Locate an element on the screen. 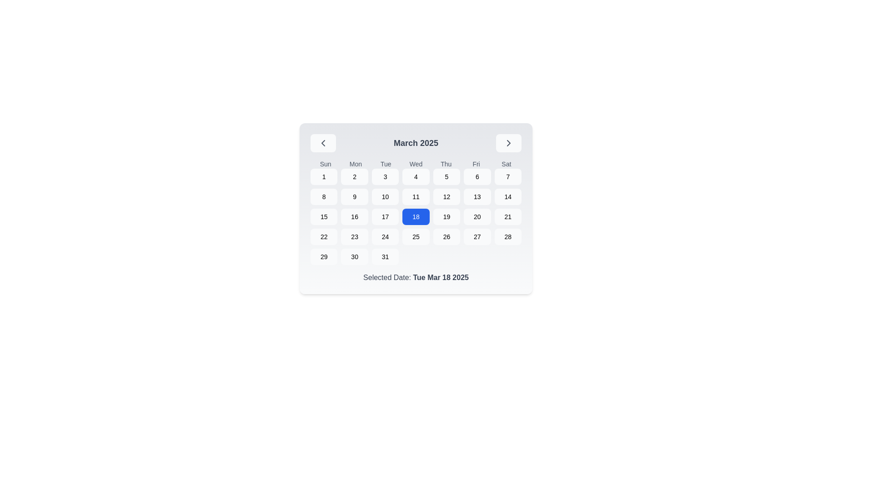 The height and width of the screenshot is (491, 873). the left-pointing chevron icon within the navigation button at the top-left corner of the calendar interface is located at coordinates (323, 143).